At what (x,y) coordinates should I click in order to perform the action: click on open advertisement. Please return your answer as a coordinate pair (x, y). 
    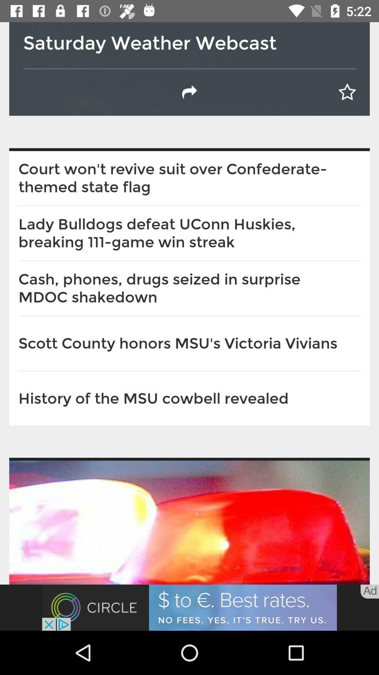
    Looking at the image, I should click on (189, 607).